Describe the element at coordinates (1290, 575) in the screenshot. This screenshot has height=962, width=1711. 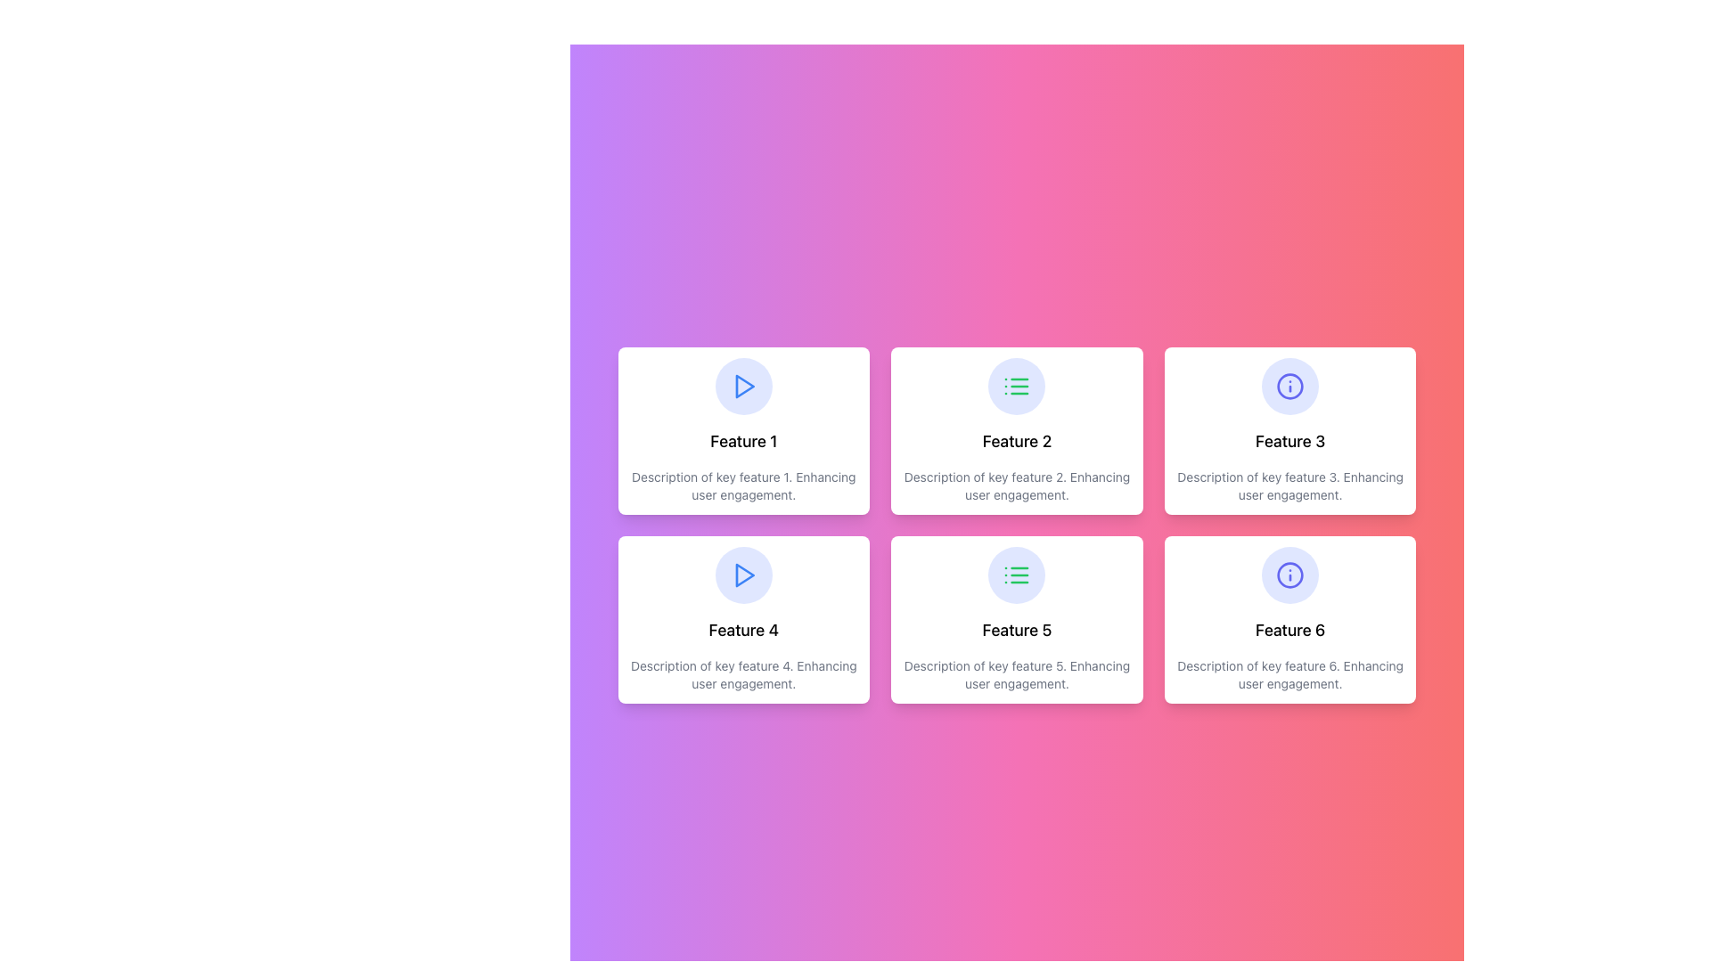
I see `the informational icon above the heading text 'Feature 6' in the bottom-right corner of the grid` at that location.